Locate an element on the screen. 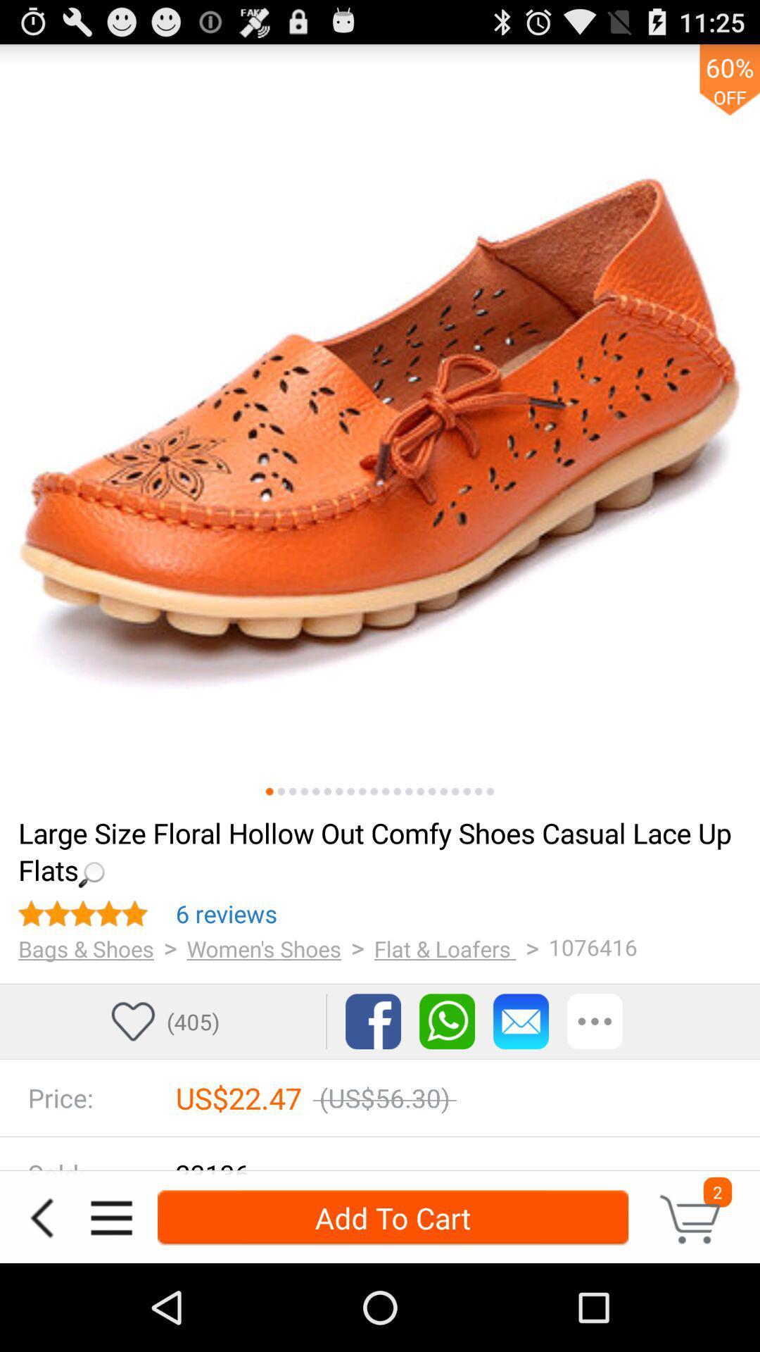  third screen go to screen three is located at coordinates (292, 791).